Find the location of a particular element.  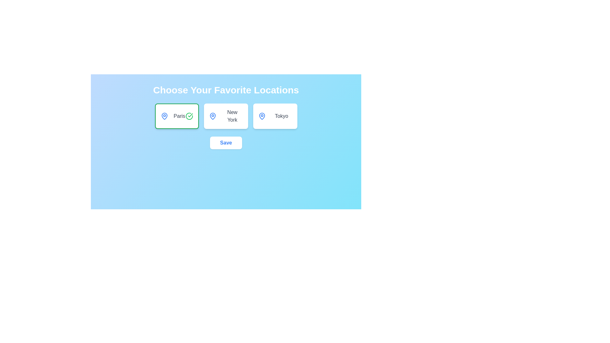

the location card for New York is located at coordinates (226, 116).